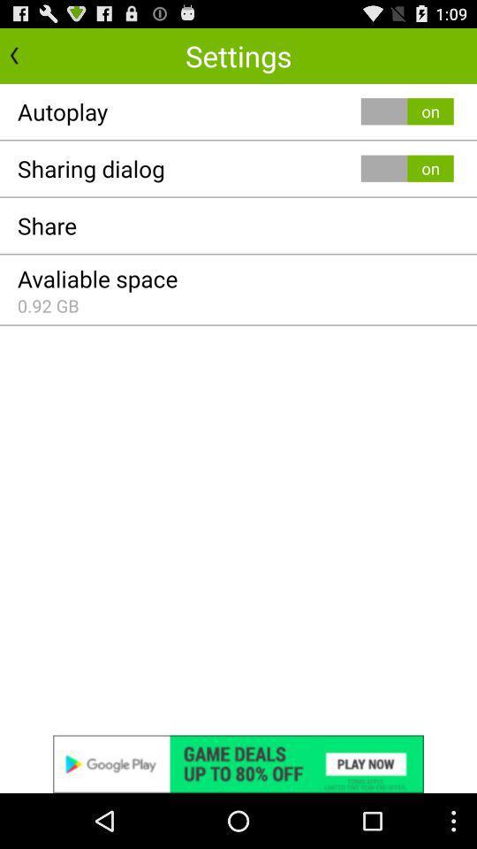 This screenshot has height=849, width=477. What do you see at coordinates (238, 763) in the screenshot?
I see `advertisement` at bounding box center [238, 763].